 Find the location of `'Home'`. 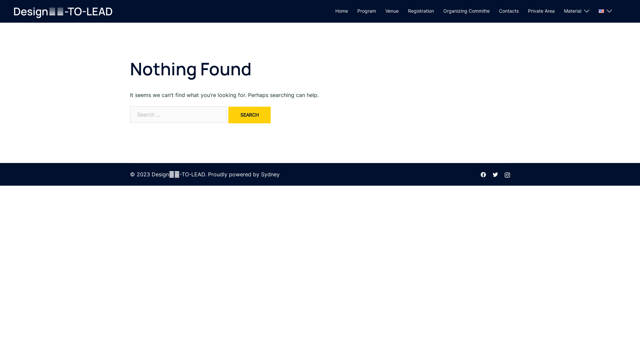

'Home' is located at coordinates (342, 11).